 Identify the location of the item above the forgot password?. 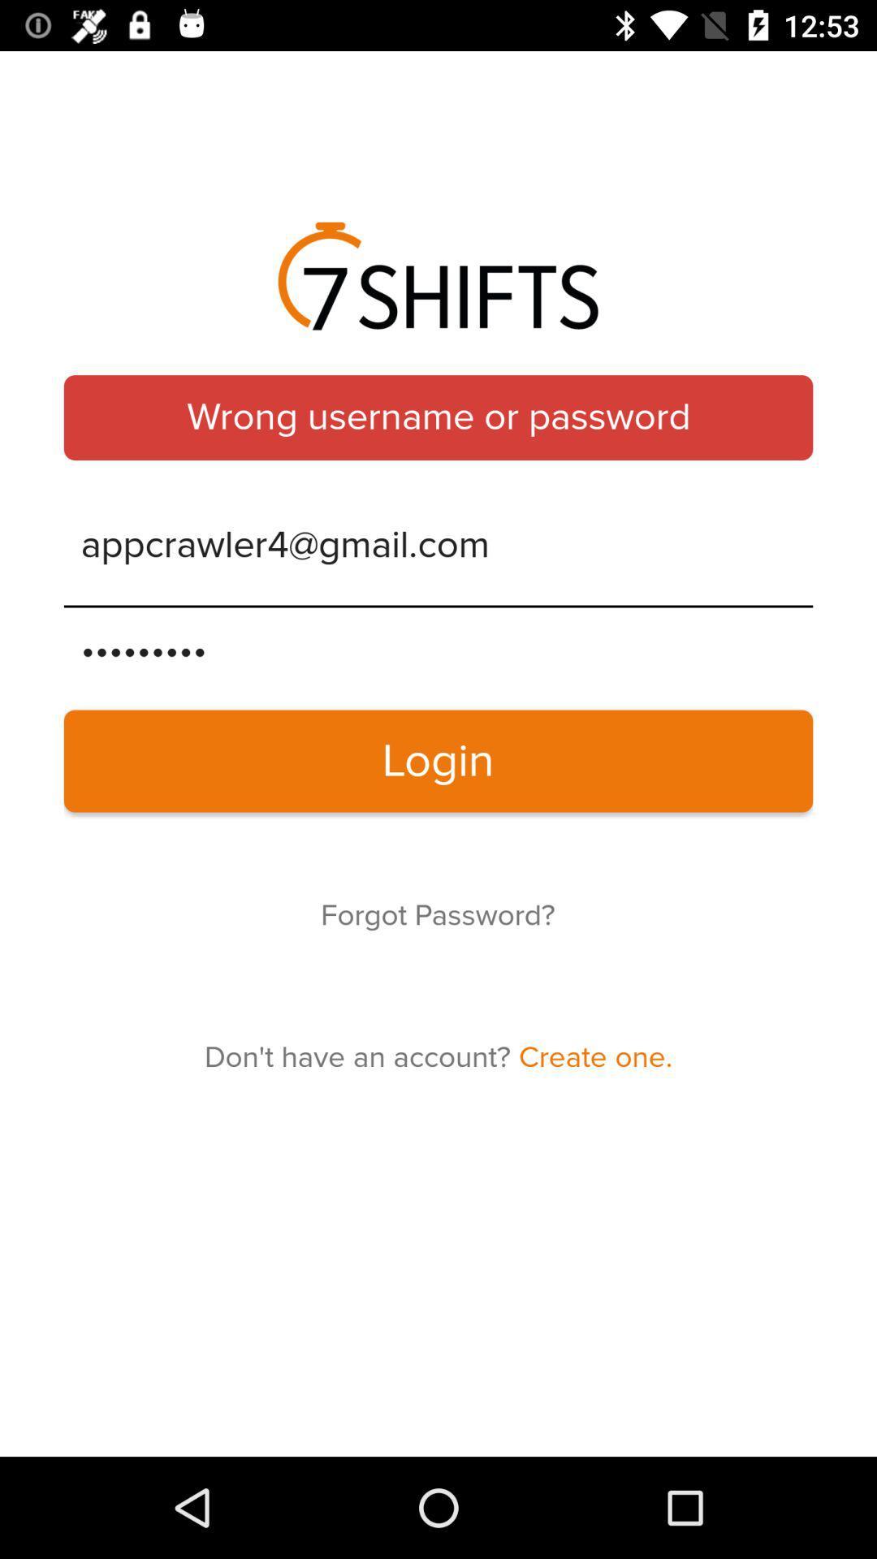
(438, 760).